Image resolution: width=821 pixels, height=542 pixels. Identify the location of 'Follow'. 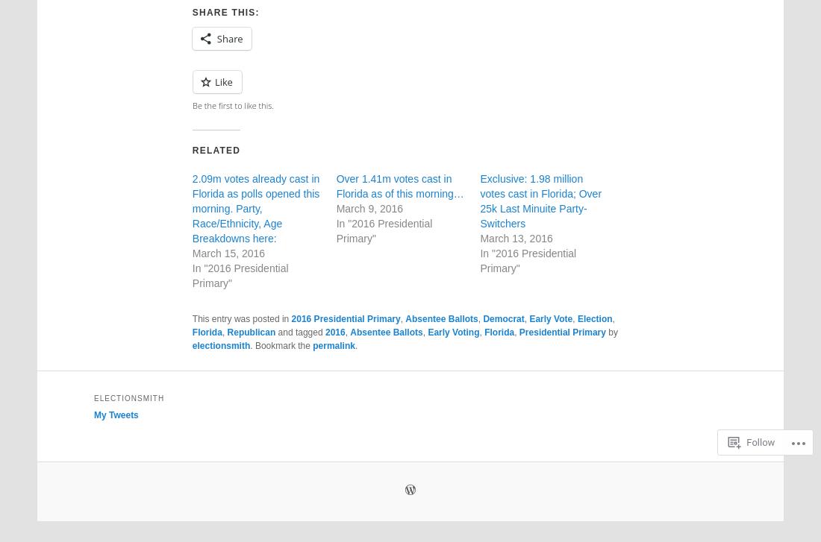
(760, 385).